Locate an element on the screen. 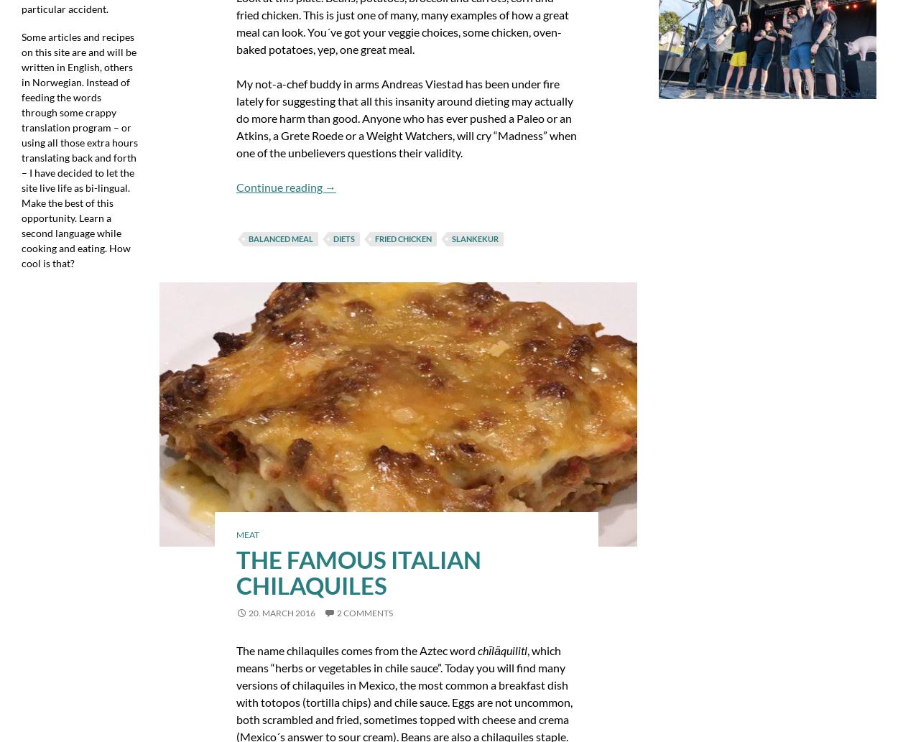 The width and height of the screenshot is (898, 742). 'Meat' is located at coordinates (246, 534).